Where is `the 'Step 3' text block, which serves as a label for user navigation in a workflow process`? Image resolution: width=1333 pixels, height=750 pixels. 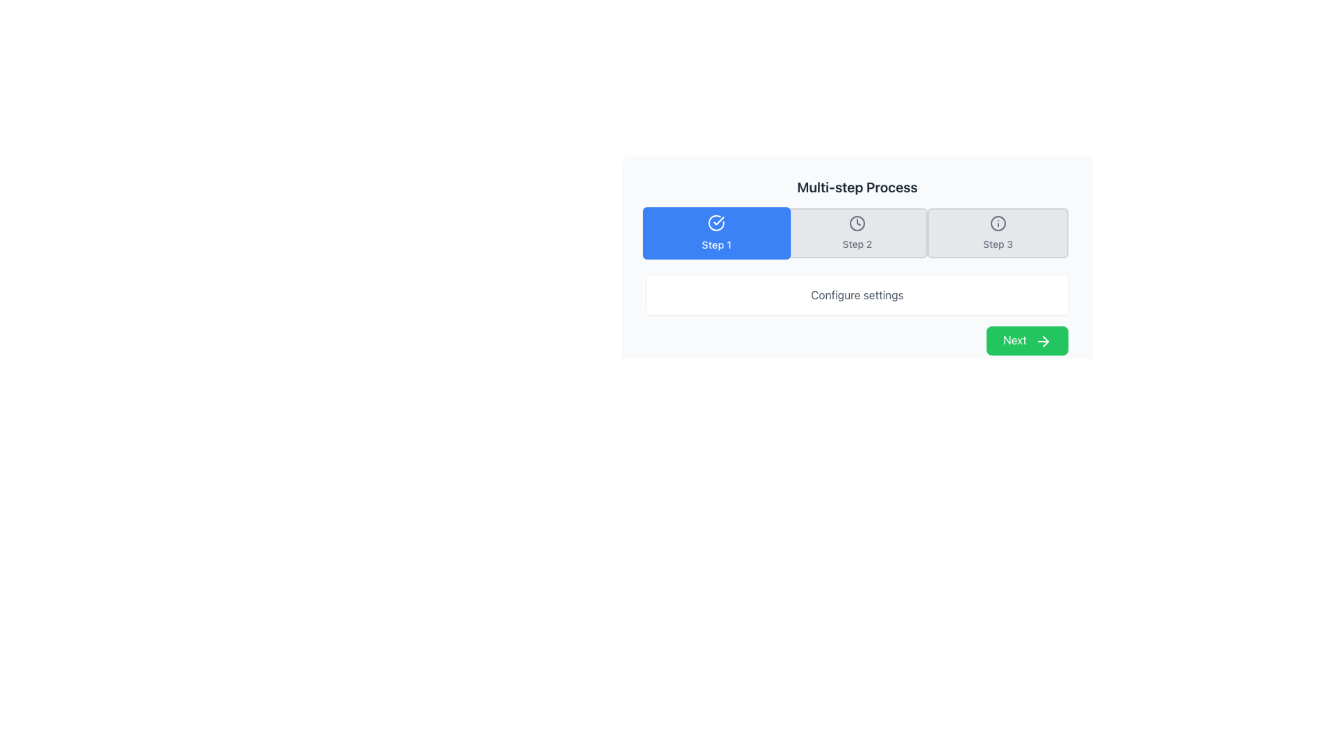 the 'Step 3' text block, which serves as a label for user navigation in a workflow process is located at coordinates (997, 243).